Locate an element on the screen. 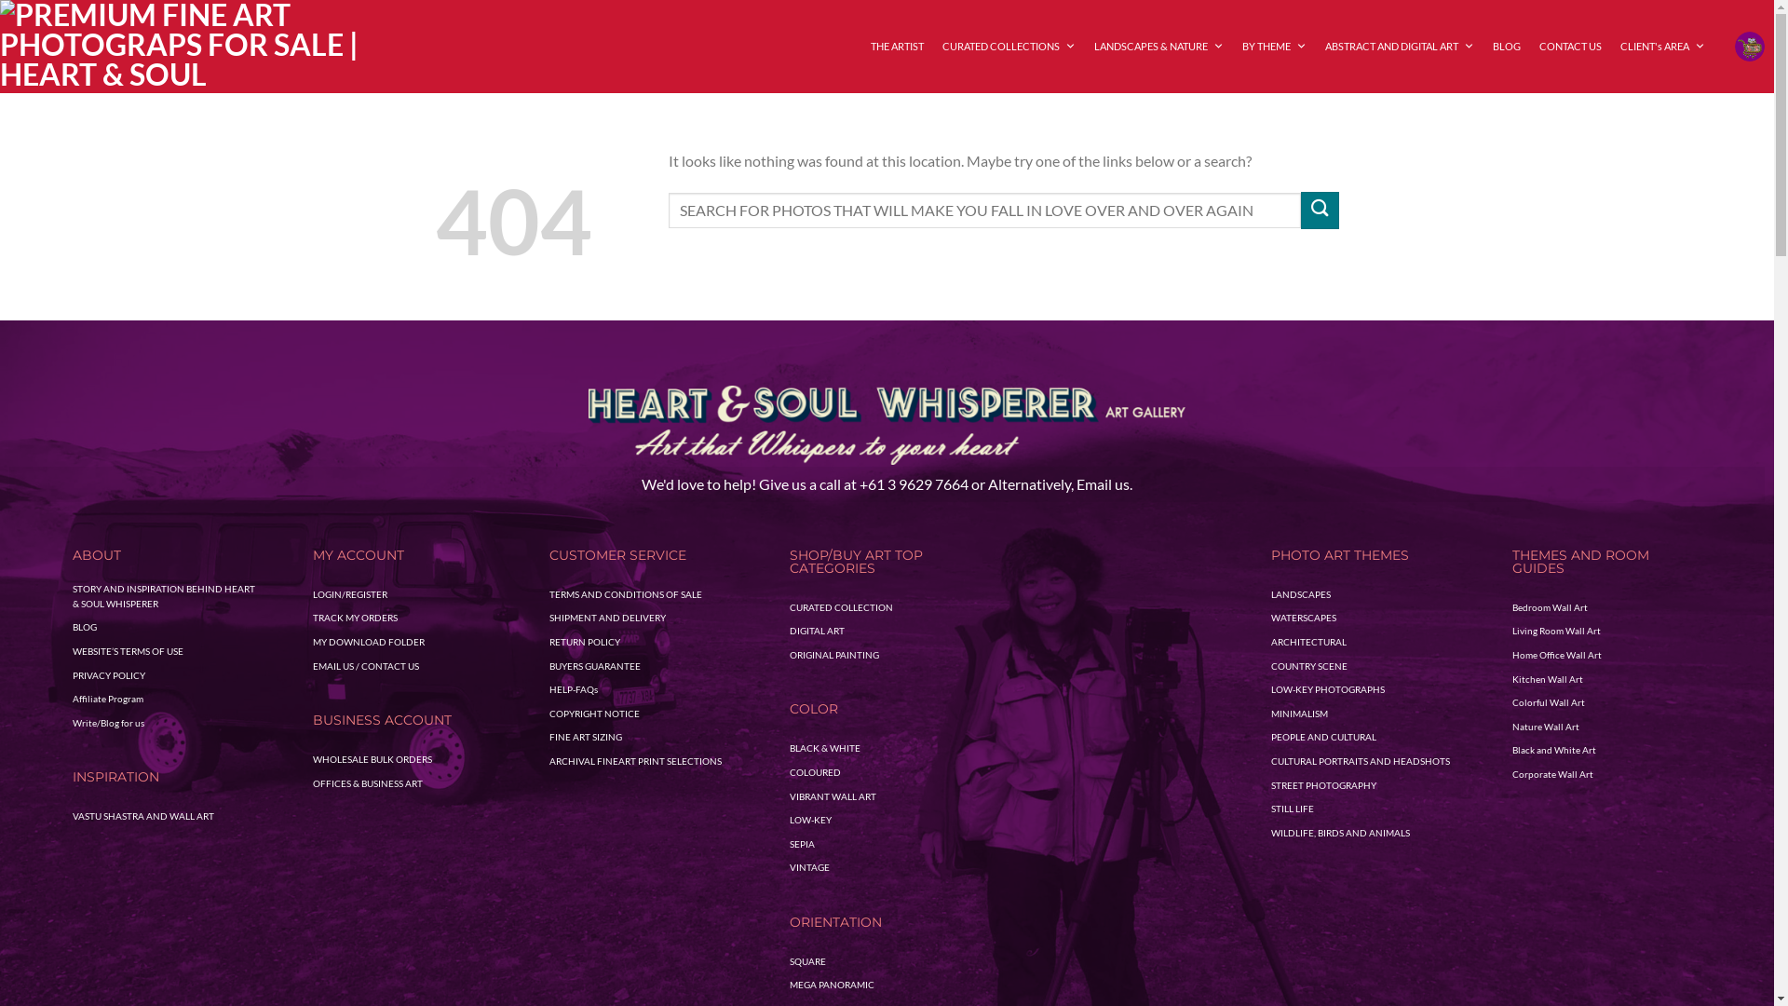  'LOGIN/REGISTER' is located at coordinates (349, 593).